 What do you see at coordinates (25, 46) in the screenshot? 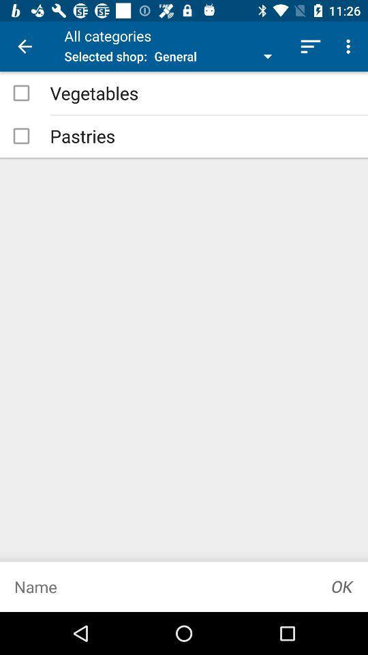
I see `item next to the all categories item` at bounding box center [25, 46].